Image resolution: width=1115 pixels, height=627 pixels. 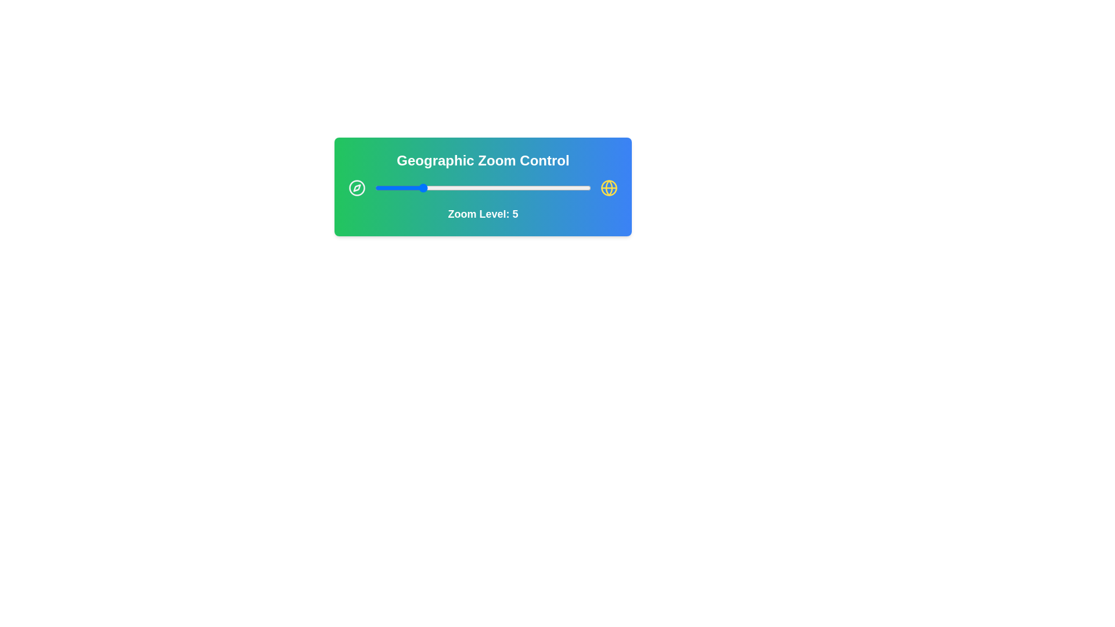 What do you see at coordinates (375, 188) in the screenshot?
I see `the zoom level to 1 by interacting with the slider` at bounding box center [375, 188].